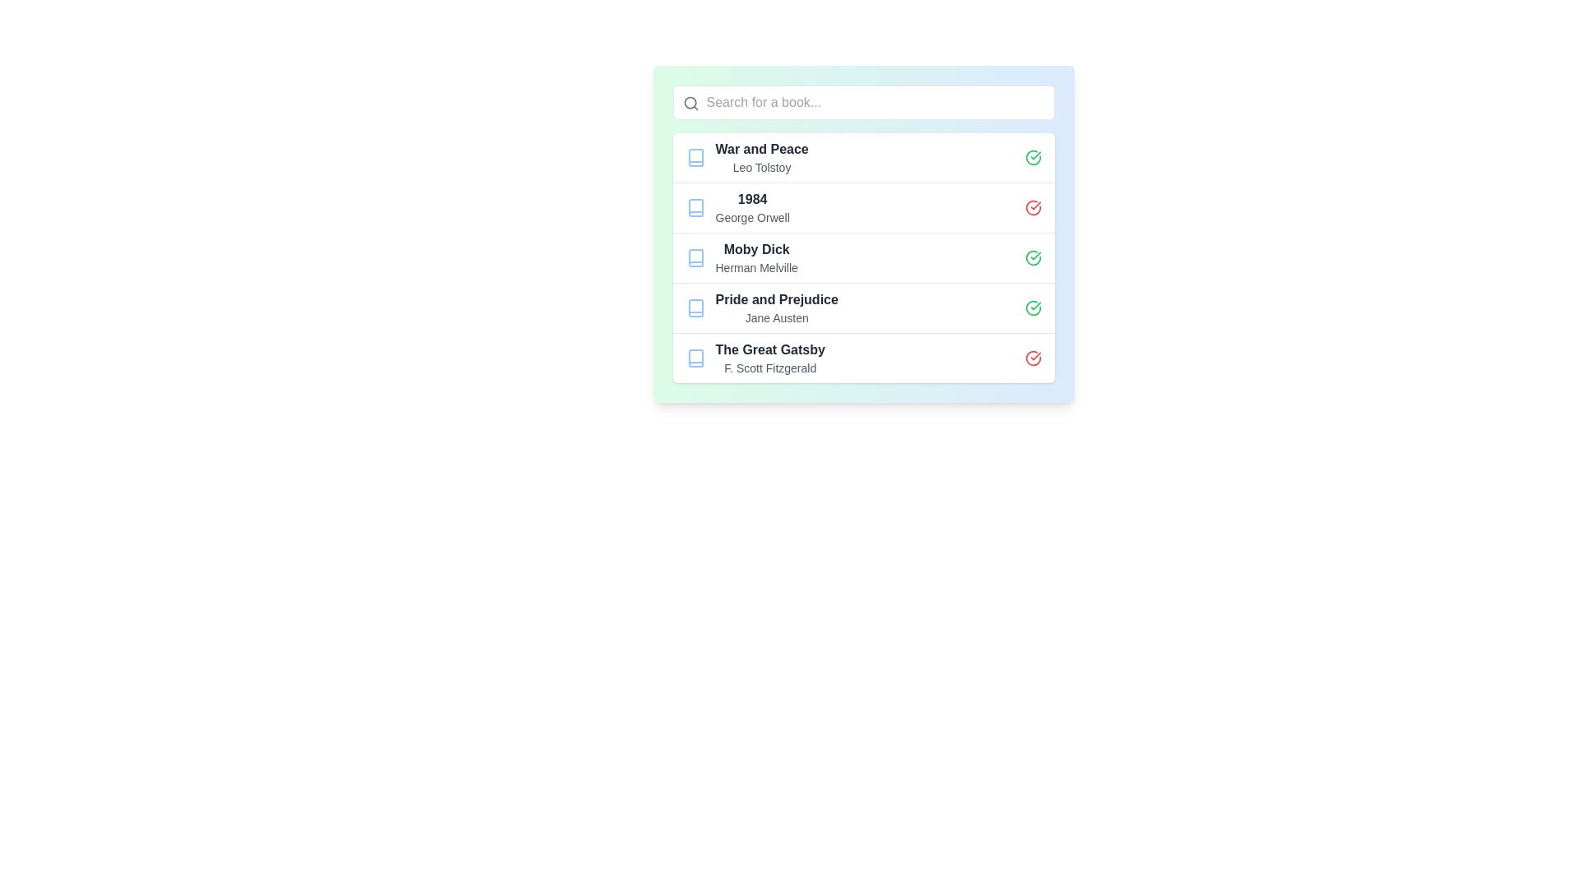  What do you see at coordinates (751, 217) in the screenshot?
I see `the text label displaying 'George Orwell', which is a small, light gray font indicating the author's name, located below the bold '1984' text` at bounding box center [751, 217].